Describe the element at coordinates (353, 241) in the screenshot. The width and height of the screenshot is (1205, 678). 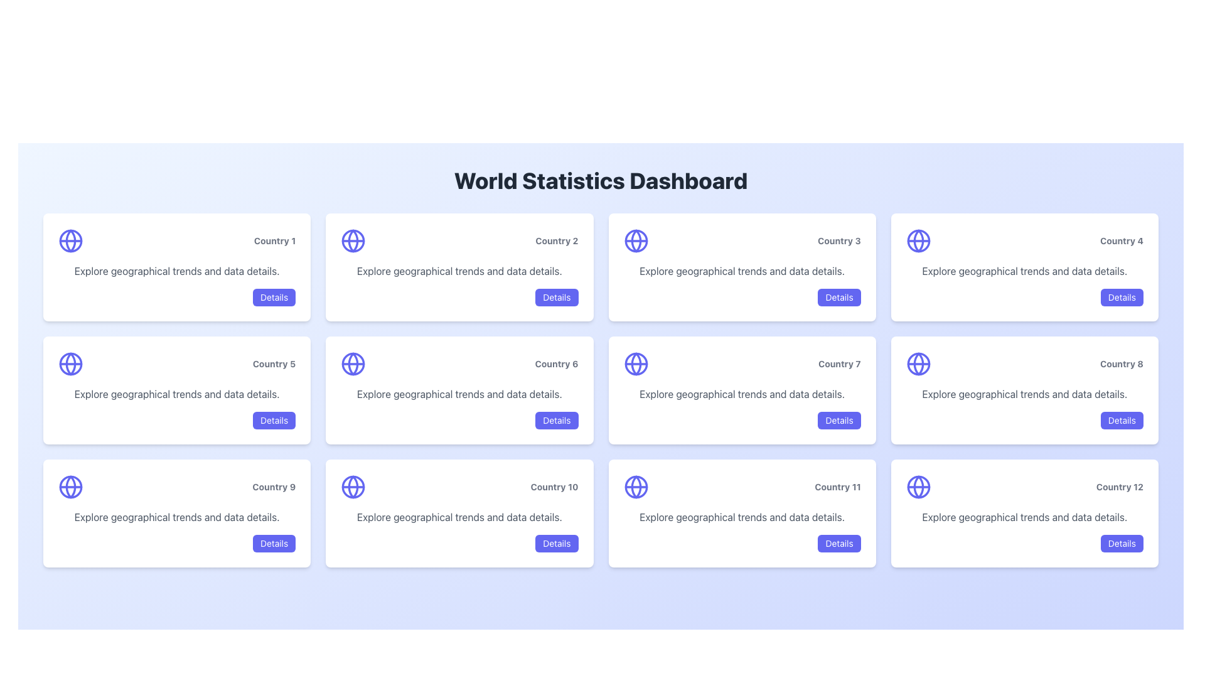
I see `the circular globe icon styled in indigo blue located to the left of the text 'Country 2' in the second card of the grid layout` at that location.